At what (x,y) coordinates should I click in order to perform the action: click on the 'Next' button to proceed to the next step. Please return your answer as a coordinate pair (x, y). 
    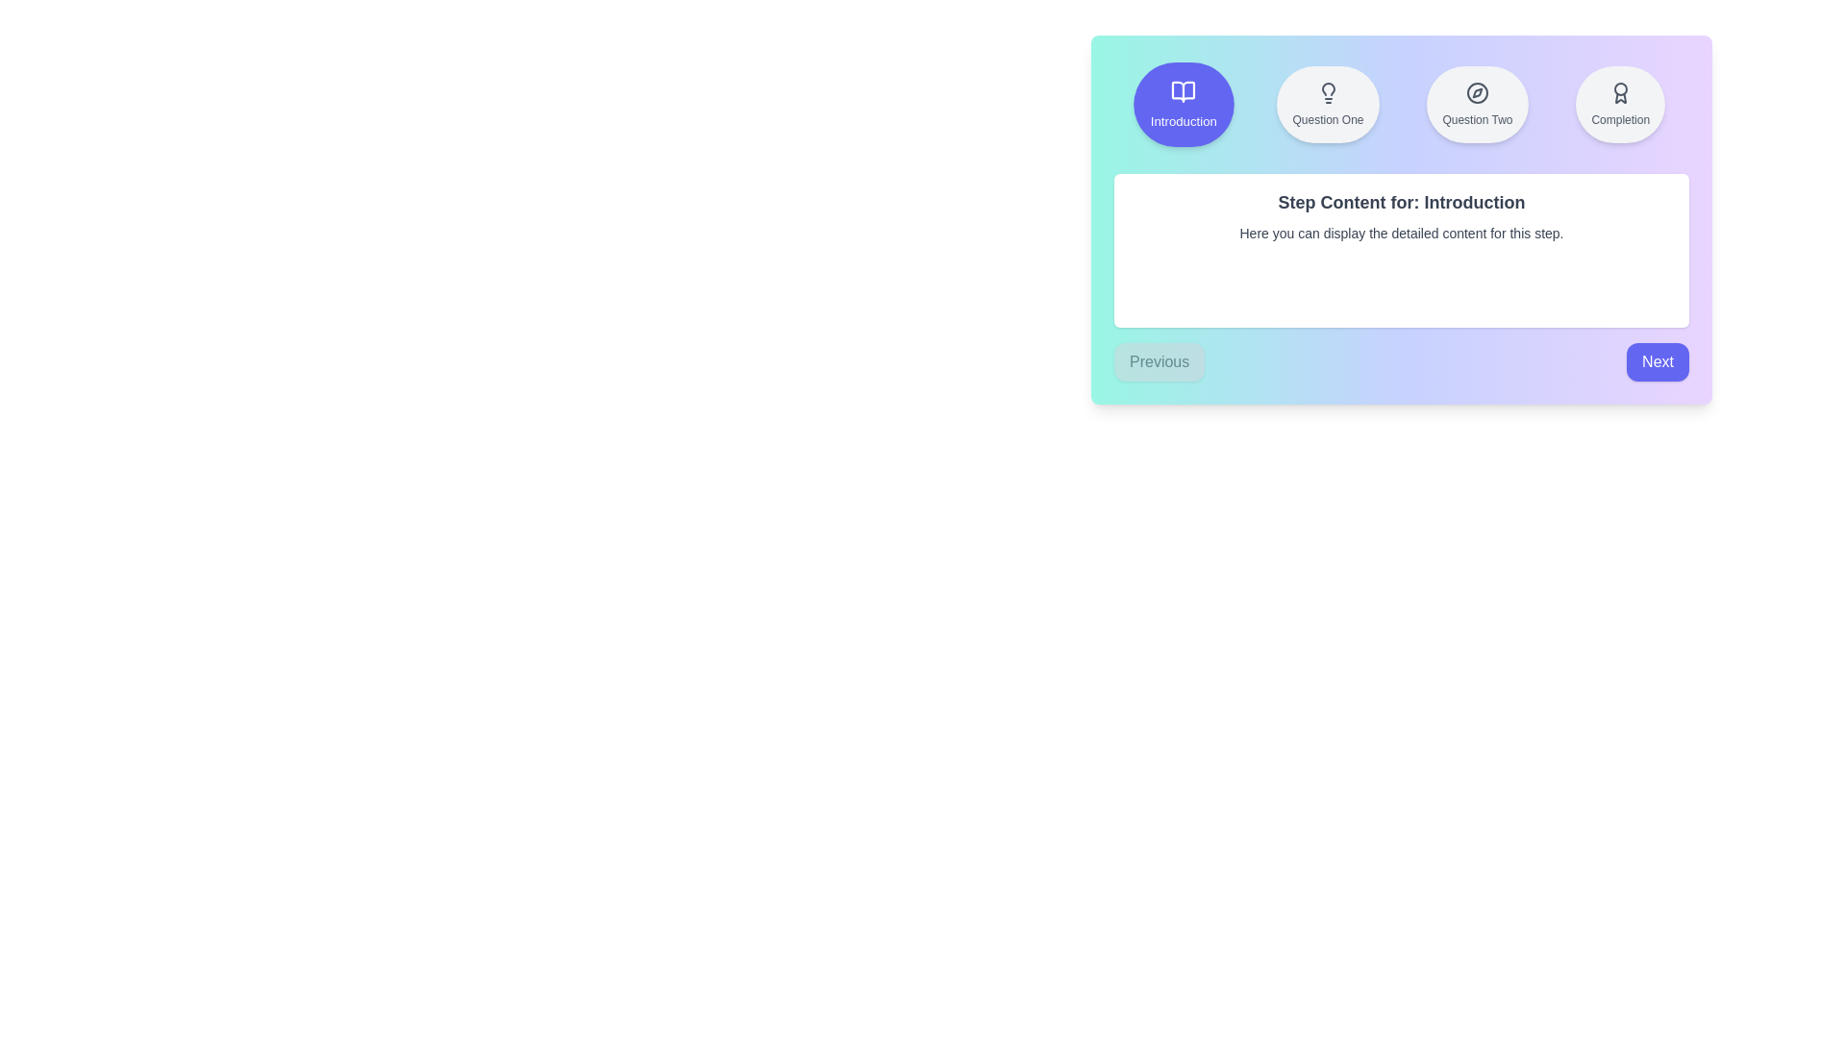
    Looking at the image, I should click on (1656, 362).